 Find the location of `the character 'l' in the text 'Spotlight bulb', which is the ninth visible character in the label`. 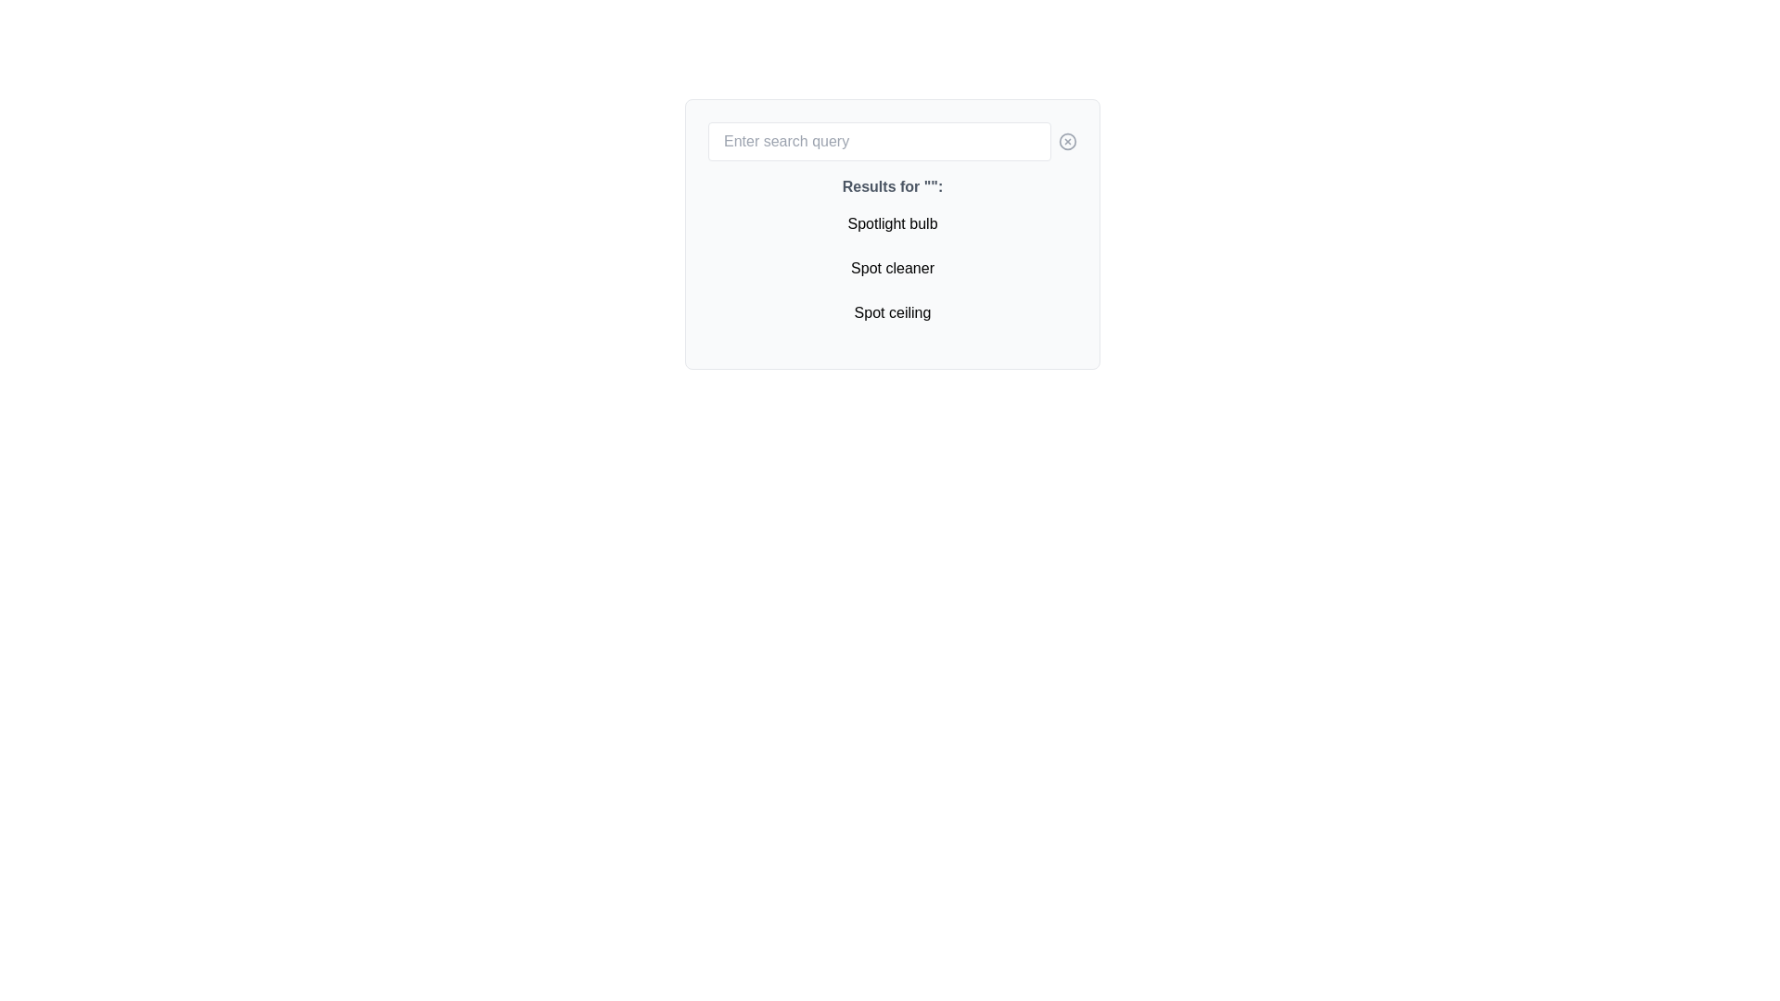

the character 'l' in the text 'Spotlight bulb', which is the ninth visible character in the label is located at coordinates (879, 222).